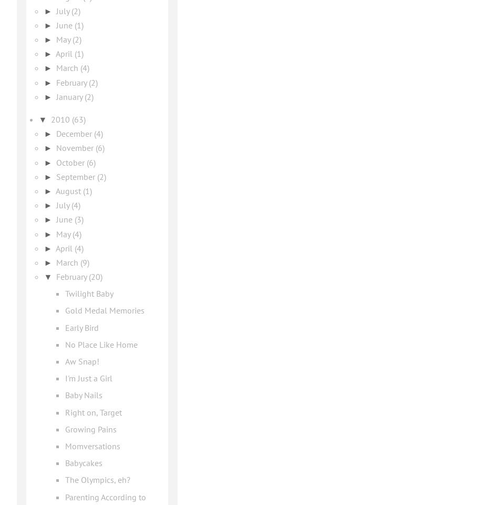 This screenshot has width=493, height=505. I want to click on 'December', so click(75, 133).